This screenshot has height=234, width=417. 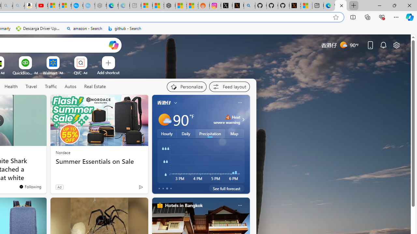 I want to click on 'Hourly', so click(x=167, y=133).